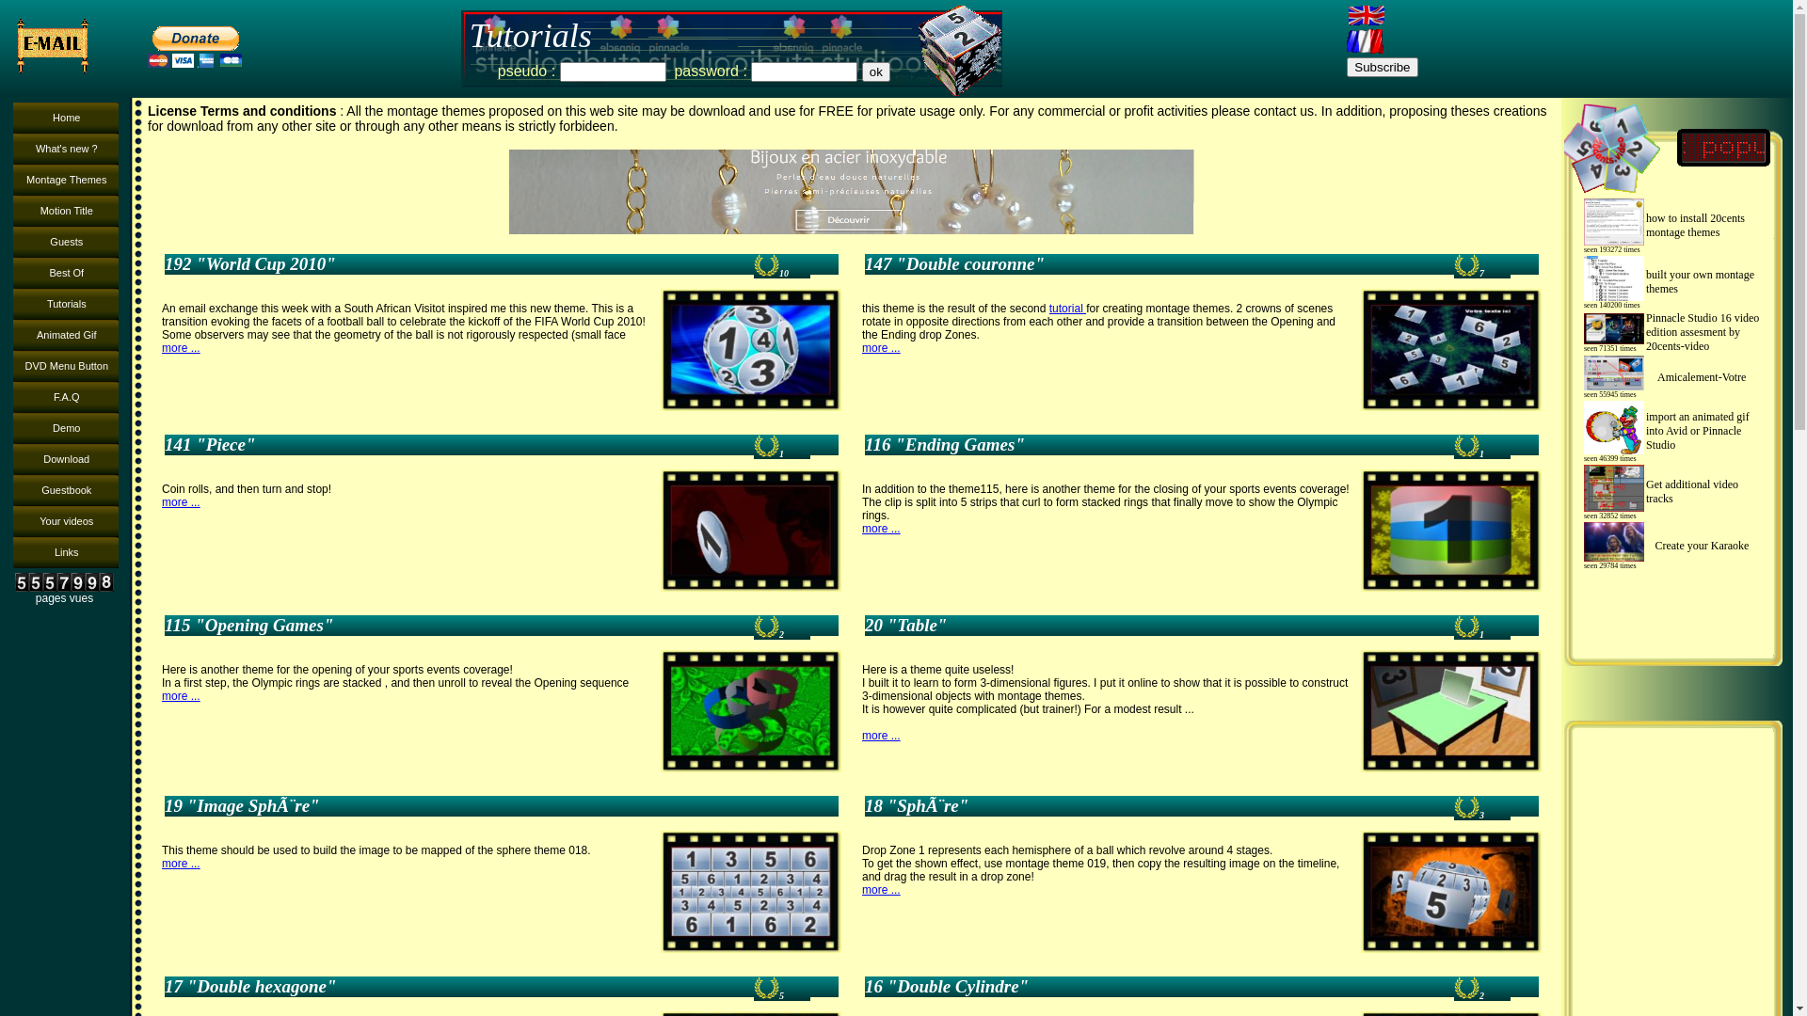 The image size is (1807, 1016). I want to click on 'Download', so click(66, 459).